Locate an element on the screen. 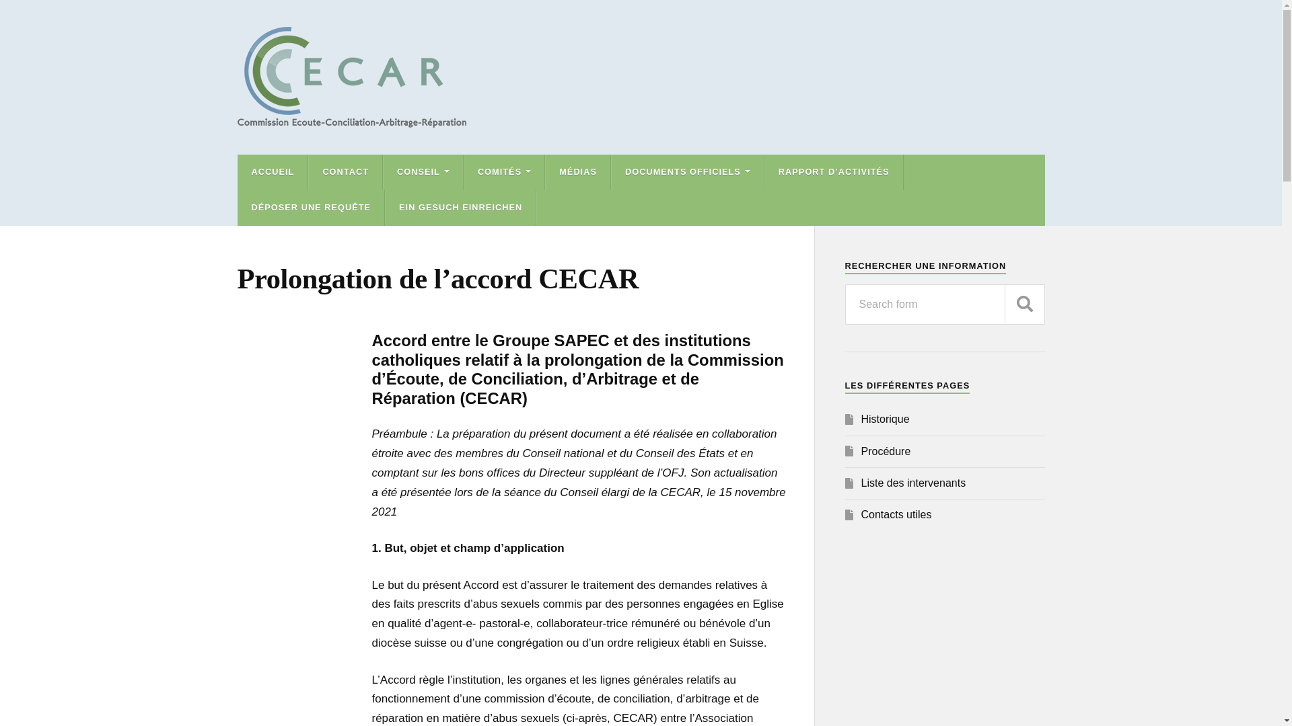 The height and width of the screenshot is (726, 1292). 'Contacts utiles' is located at coordinates (896, 514).